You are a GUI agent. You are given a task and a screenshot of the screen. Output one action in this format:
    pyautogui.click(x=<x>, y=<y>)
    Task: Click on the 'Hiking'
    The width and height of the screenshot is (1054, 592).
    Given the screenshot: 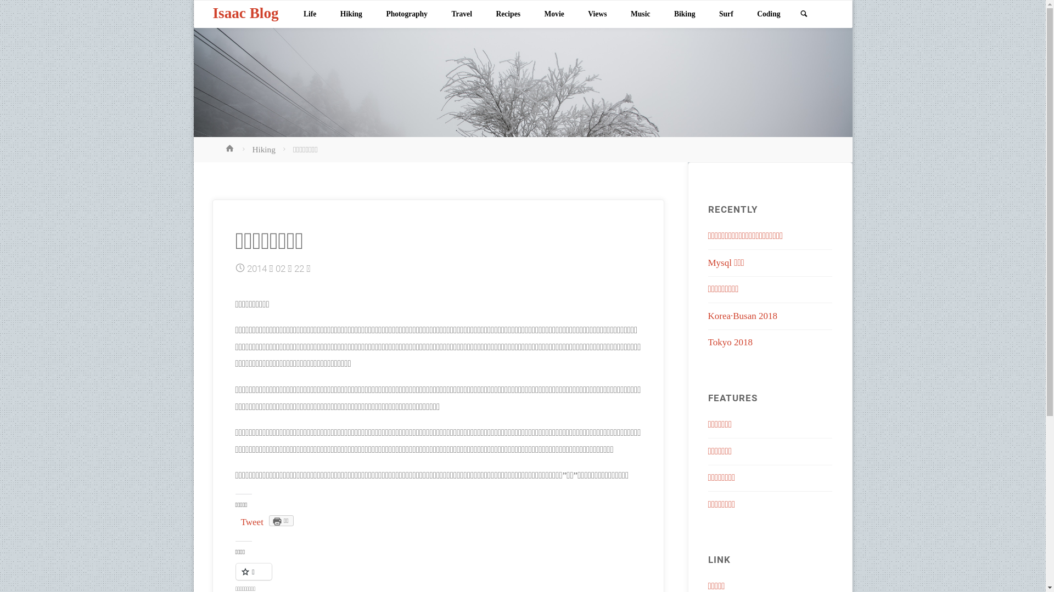 What is the action you would take?
    pyautogui.click(x=350, y=14)
    